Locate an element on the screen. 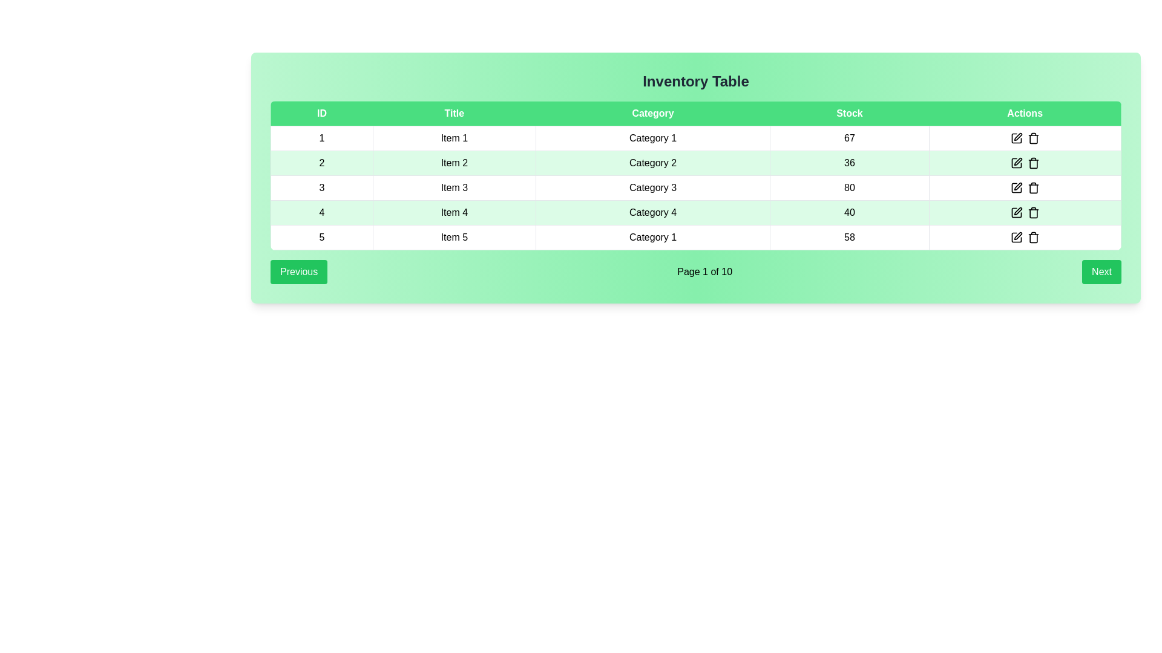 Image resolution: width=1162 pixels, height=653 pixels. the centered header labeled 'Inventory Table', which is bold and stands out against a green gradient background is located at coordinates (696, 82).